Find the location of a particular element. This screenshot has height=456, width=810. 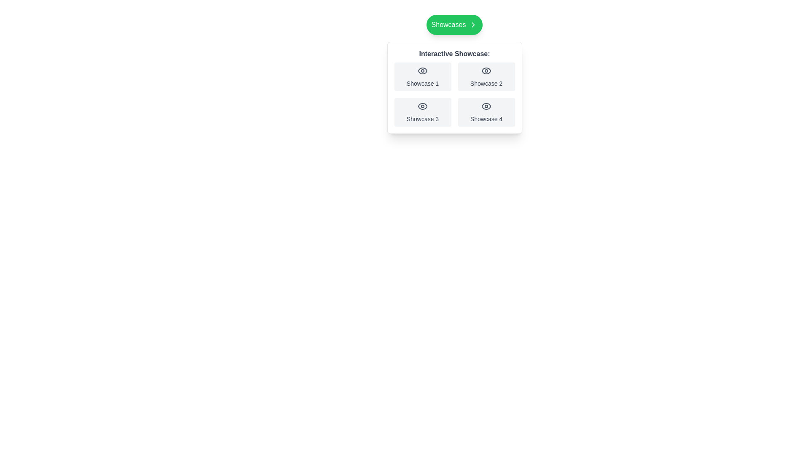

the first interactive card element titled 'Showcase 1', which has a light gray background and an eye icon at the center top is located at coordinates (423, 76).